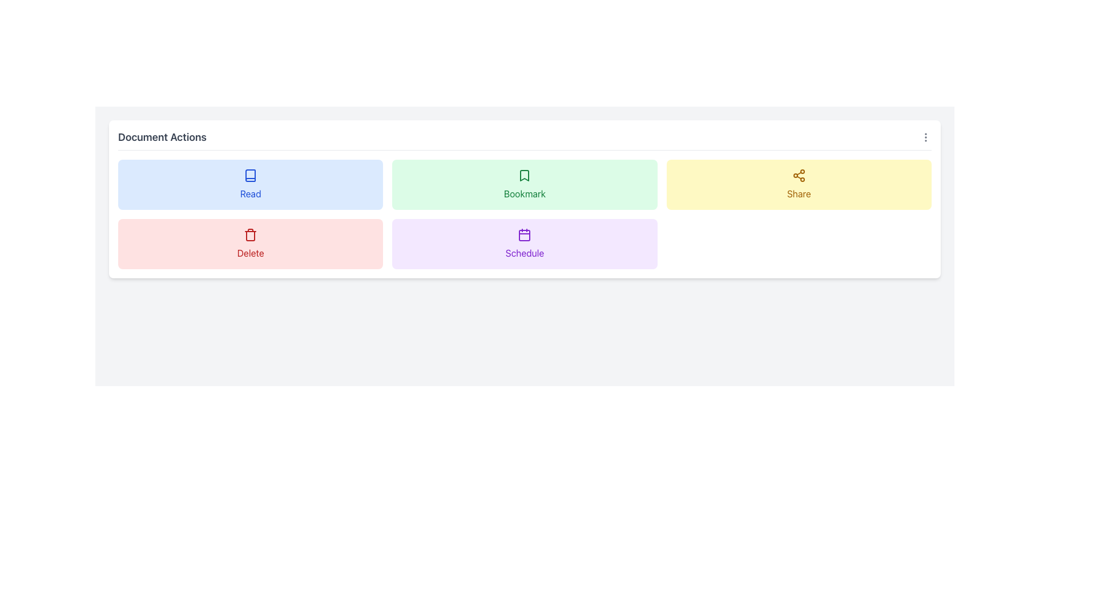  I want to click on the simplified book icon within the blue rectangular card labeled 'Read', so click(250, 176).